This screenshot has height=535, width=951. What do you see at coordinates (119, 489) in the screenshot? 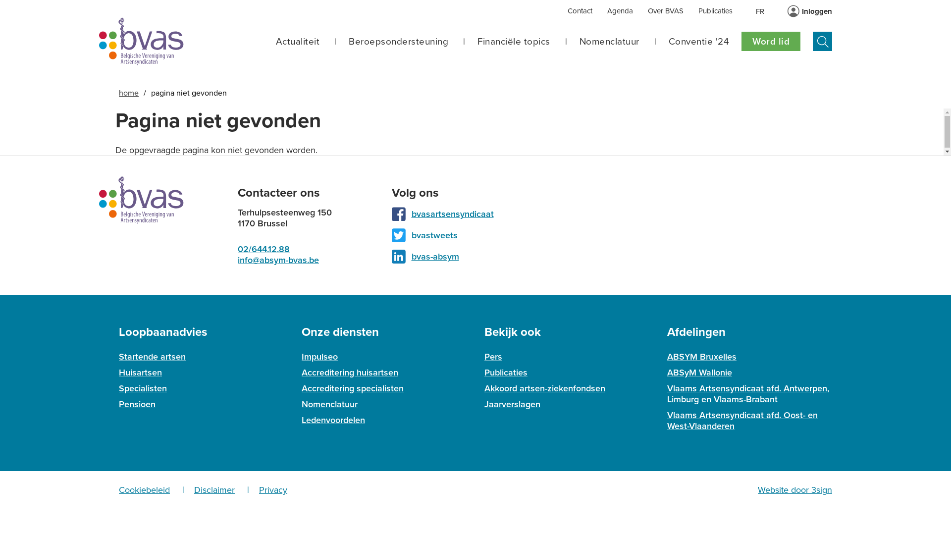
I see `'Cookiebeleid'` at bounding box center [119, 489].